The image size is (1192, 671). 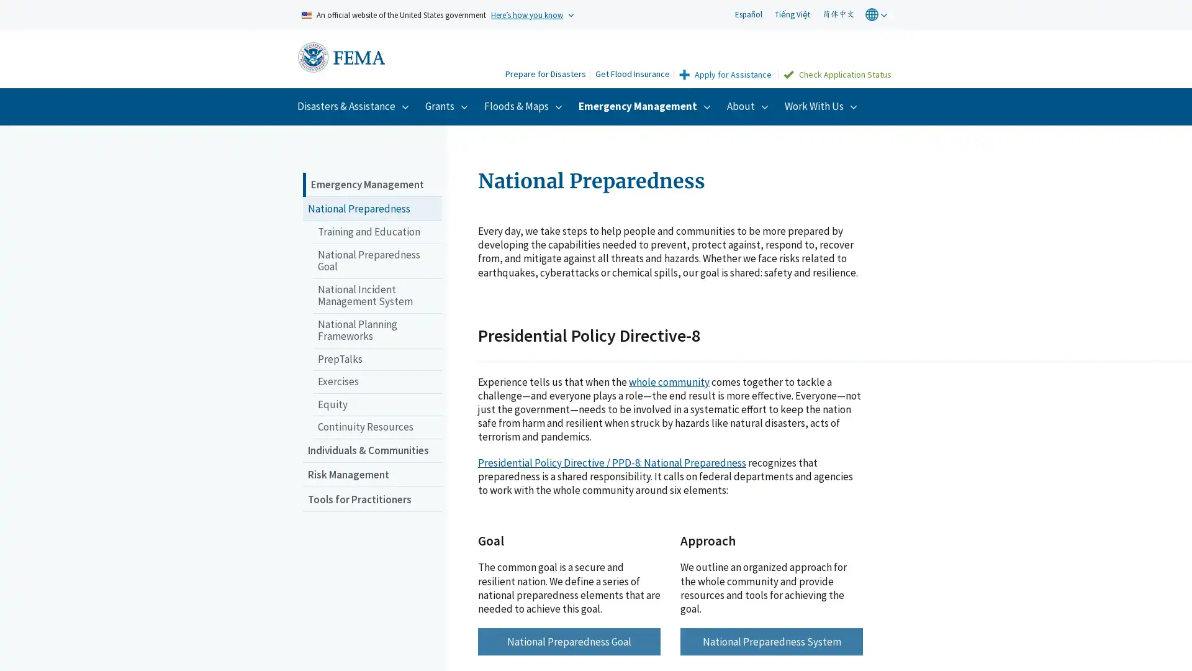 I want to click on world globe, so click(x=877, y=14).